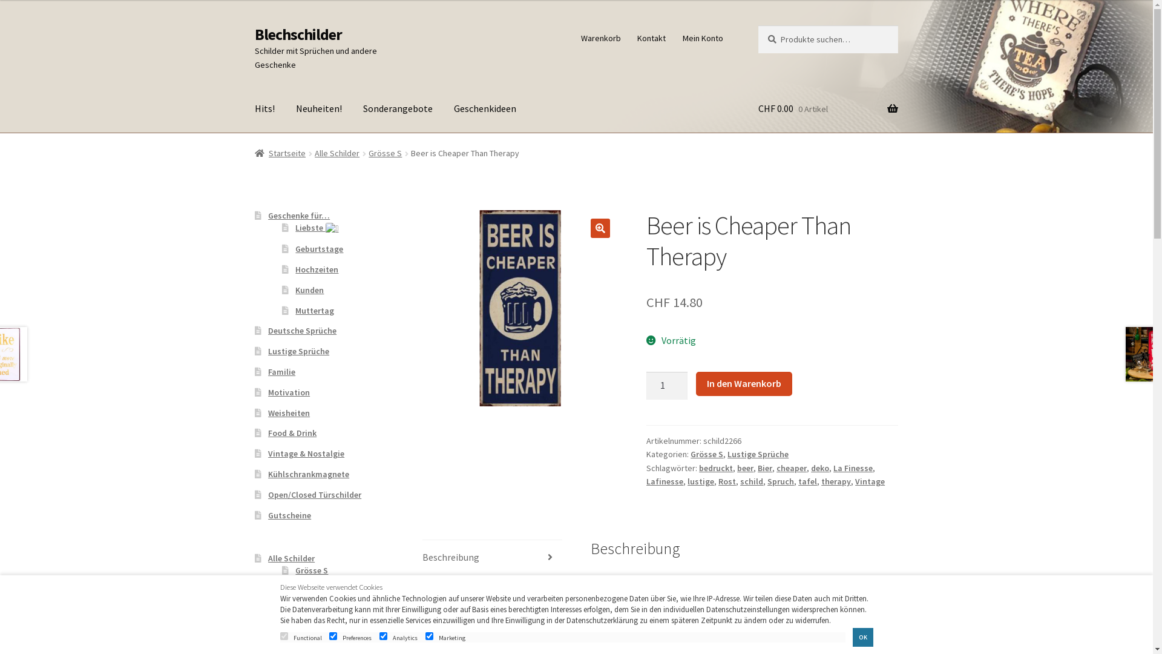 The height and width of the screenshot is (654, 1162). Describe the element at coordinates (776, 467) in the screenshot. I see `'cheaper'` at that location.